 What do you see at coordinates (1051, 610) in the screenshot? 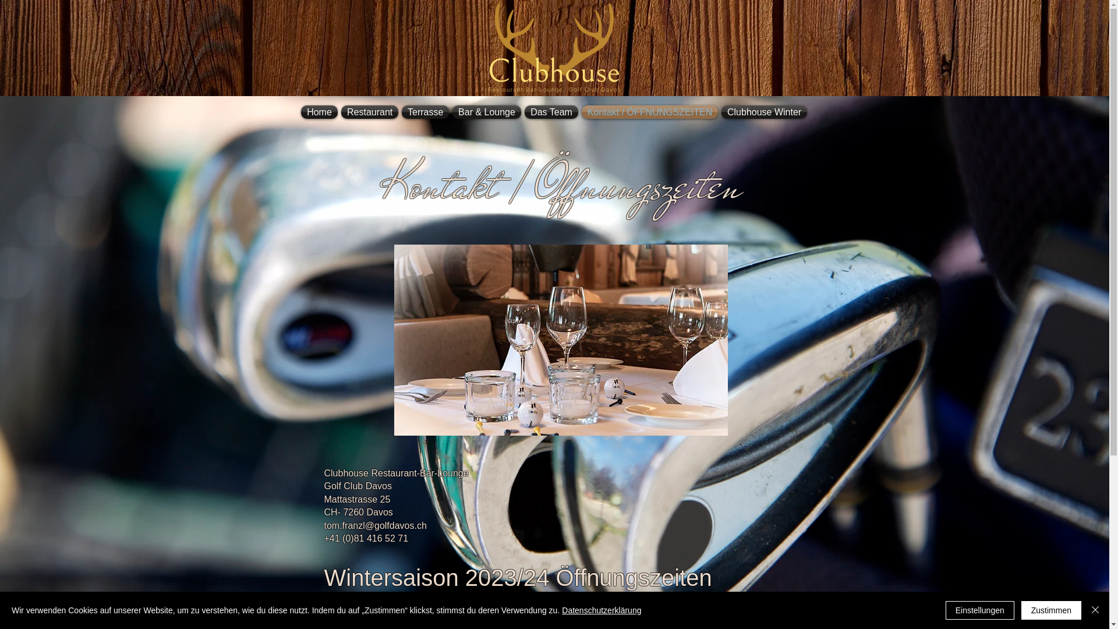
I see `'Zustimmen'` at bounding box center [1051, 610].